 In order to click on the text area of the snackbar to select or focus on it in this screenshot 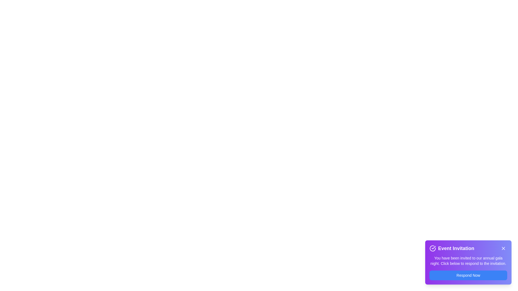, I will do `click(468, 262)`.